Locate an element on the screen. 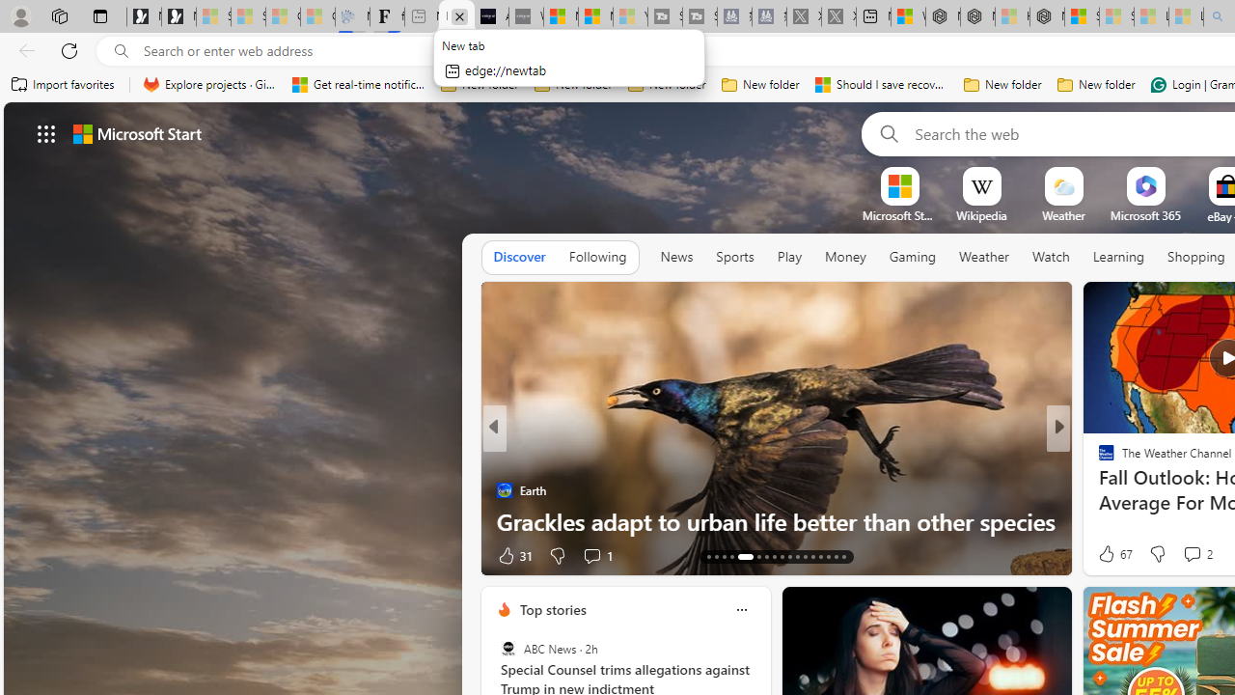 This screenshot has width=1235, height=695. 'Alternet' is located at coordinates (1098, 459).